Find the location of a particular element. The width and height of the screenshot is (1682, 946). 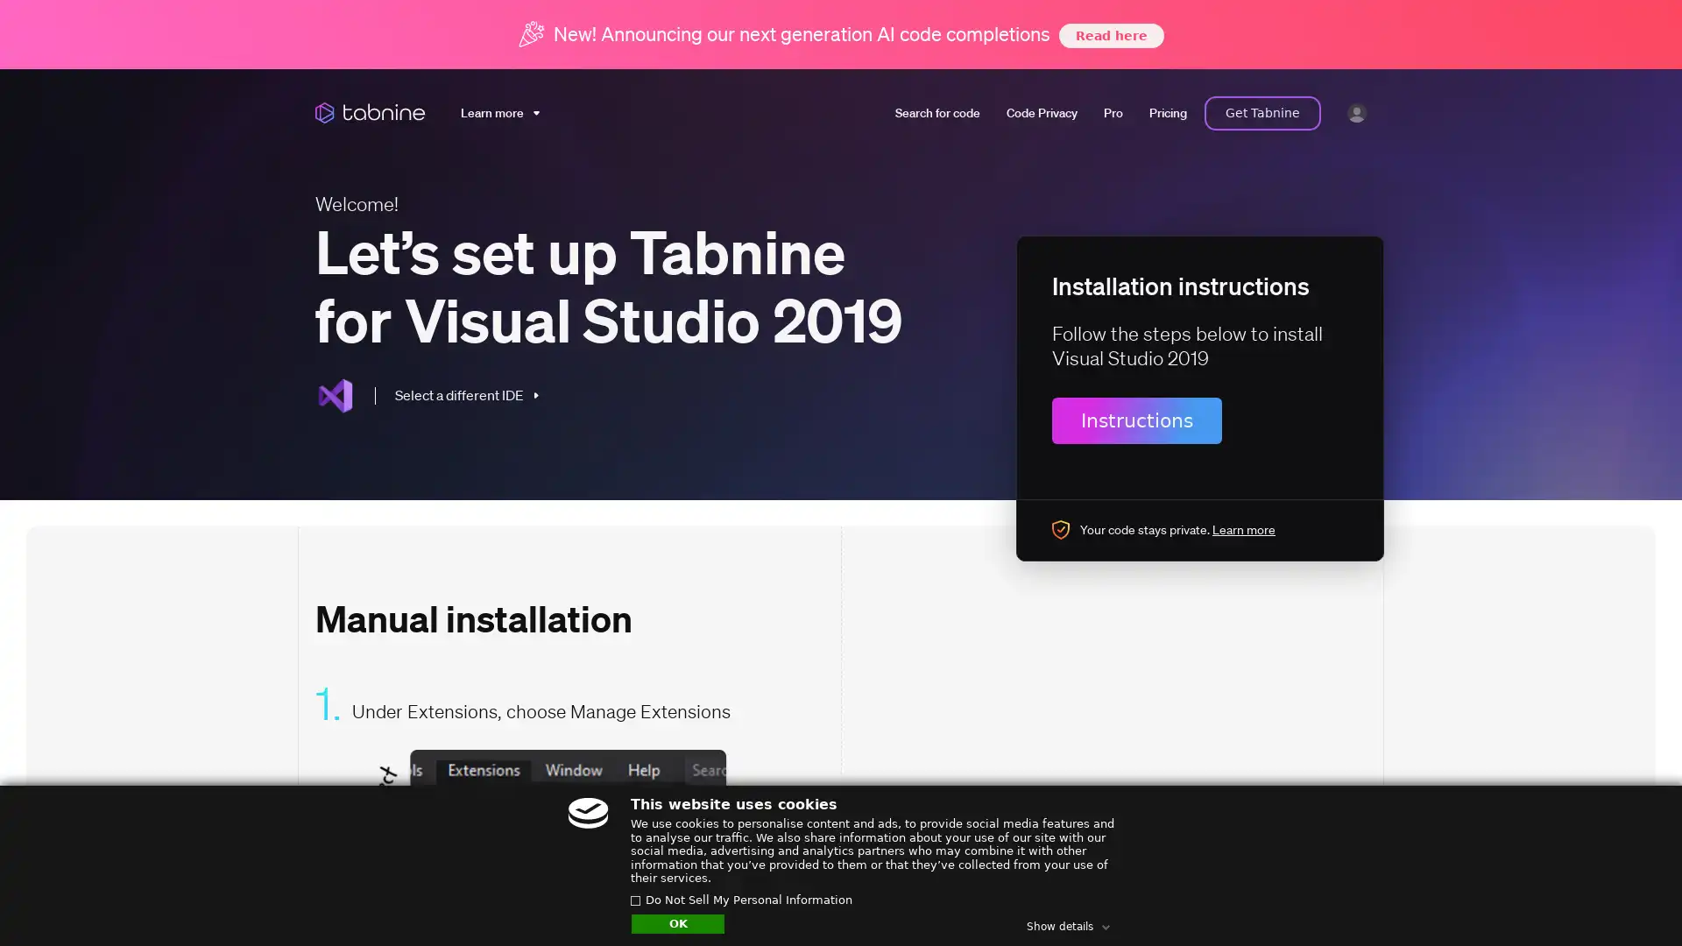

Open is located at coordinates (1629, 899).